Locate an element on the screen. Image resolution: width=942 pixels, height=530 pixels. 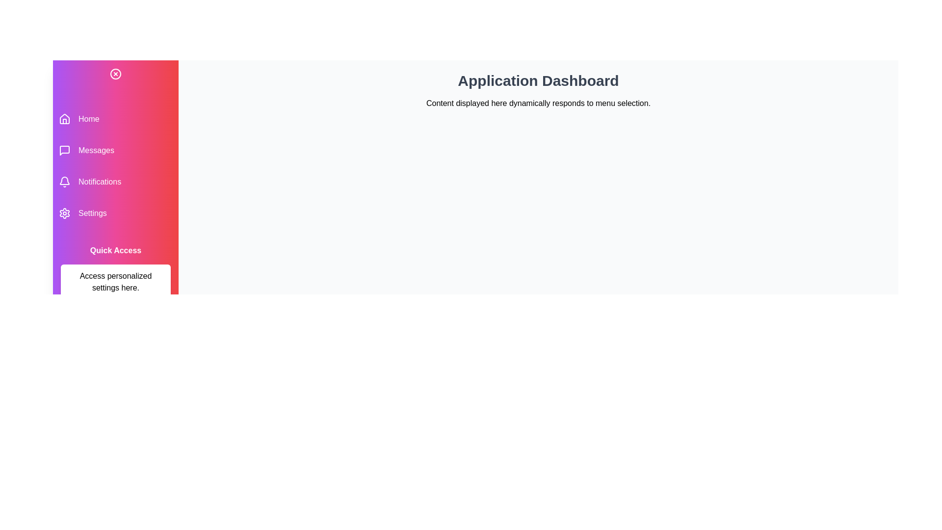
the menu item labeled Home to navigate to the corresponding section is located at coordinates (115, 119).